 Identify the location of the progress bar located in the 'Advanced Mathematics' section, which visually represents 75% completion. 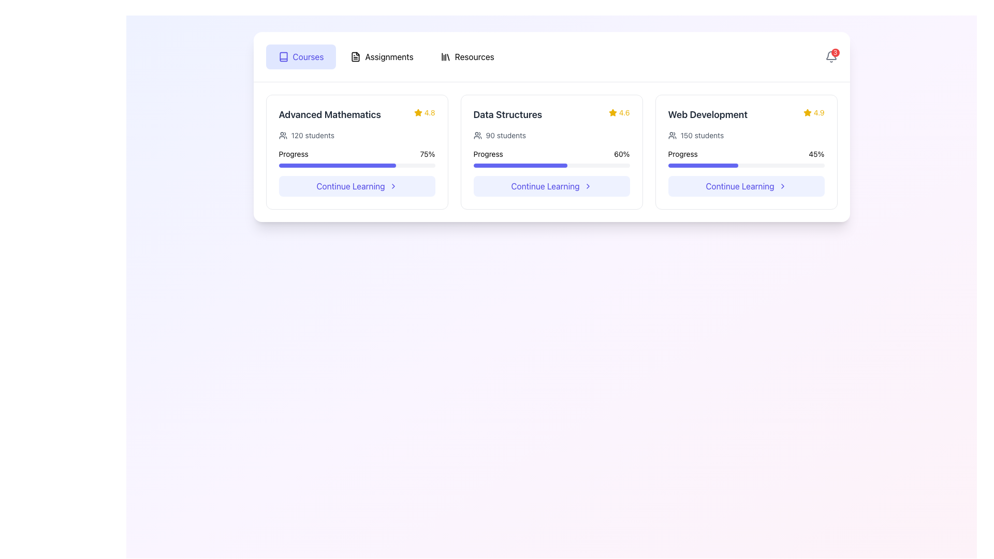
(357, 158).